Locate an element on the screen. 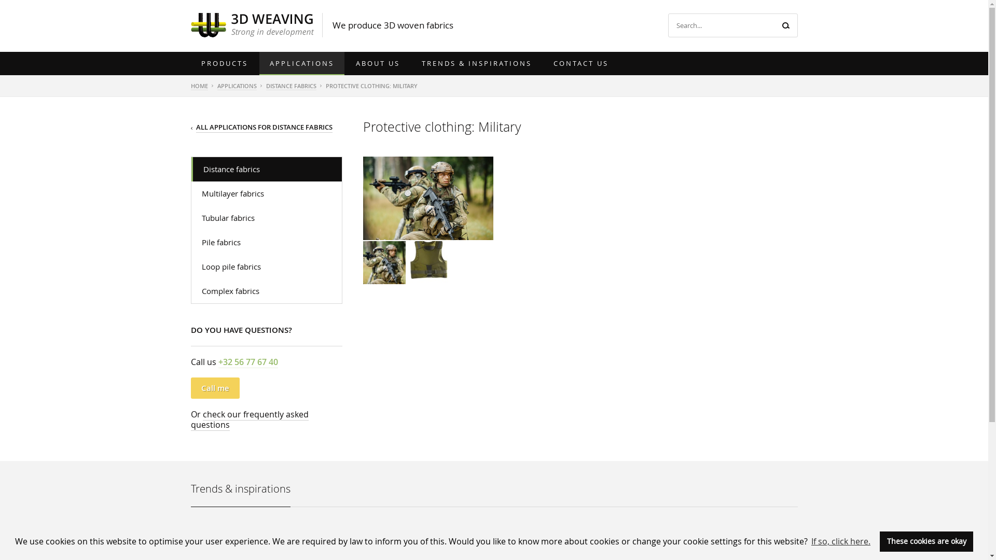 The image size is (996, 560). 'Search' is located at coordinates (785, 25).